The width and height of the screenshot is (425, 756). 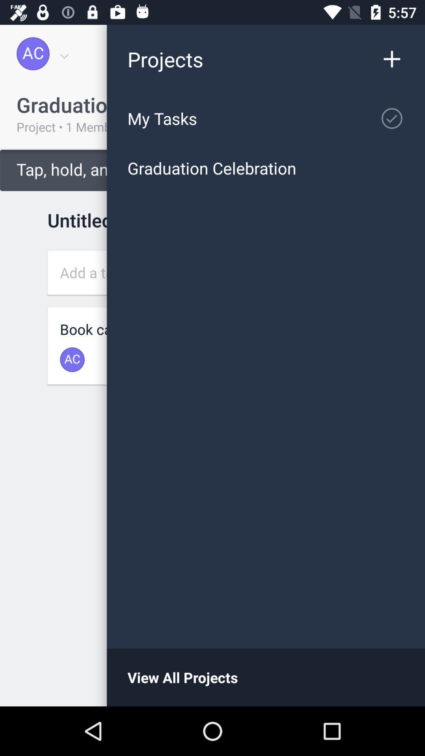 What do you see at coordinates (396, 115) in the screenshot?
I see `the check icon` at bounding box center [396, 115].